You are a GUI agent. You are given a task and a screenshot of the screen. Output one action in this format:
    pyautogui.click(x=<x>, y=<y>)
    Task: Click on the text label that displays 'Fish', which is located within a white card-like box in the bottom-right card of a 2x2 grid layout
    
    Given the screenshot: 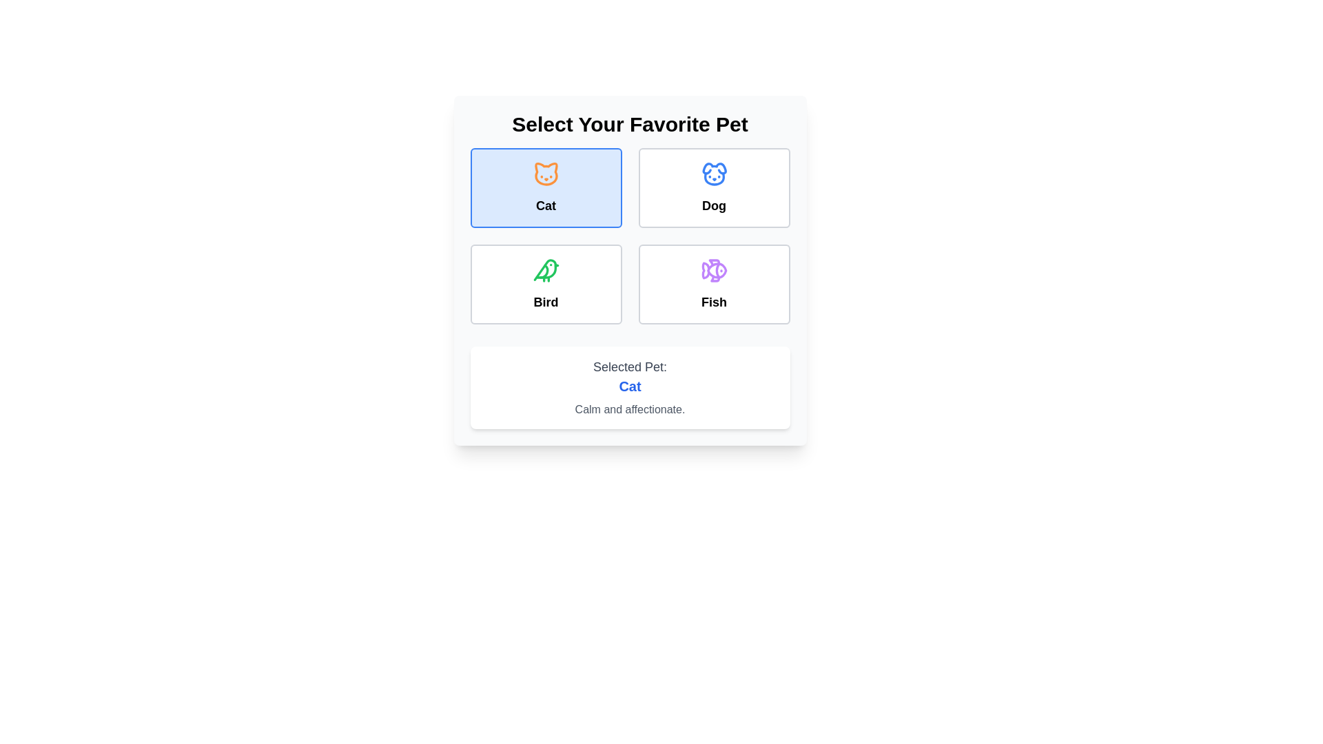 What is the action you would take?
    pyautogui.click(x=714, y=302)
    